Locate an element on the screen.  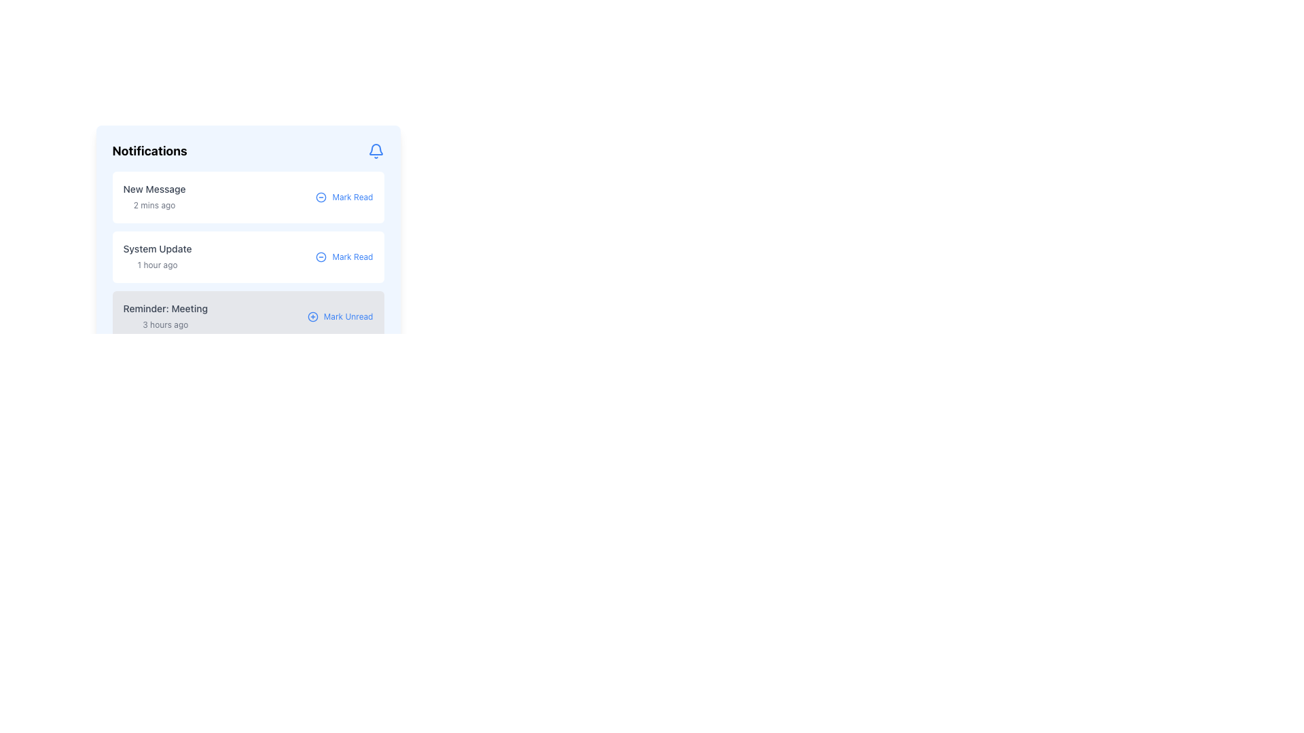
the text label indicating the notifications center located at the top-left of the notification panel is located at coordinates (149, 151).